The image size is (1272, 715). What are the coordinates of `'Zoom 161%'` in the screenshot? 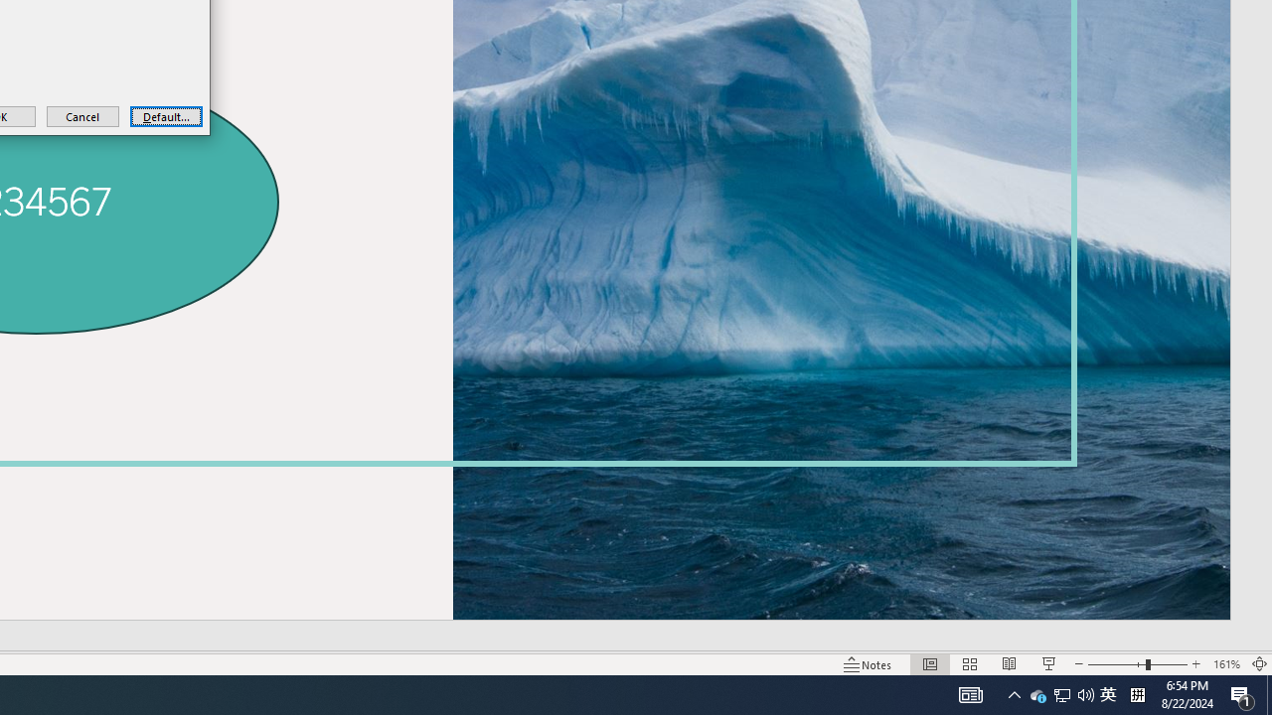 It's located at (1225, 664).